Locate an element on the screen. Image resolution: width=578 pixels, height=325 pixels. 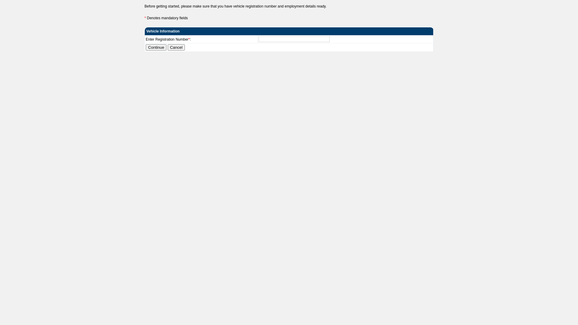
'Cancel' is located at coordinates (176, 47).